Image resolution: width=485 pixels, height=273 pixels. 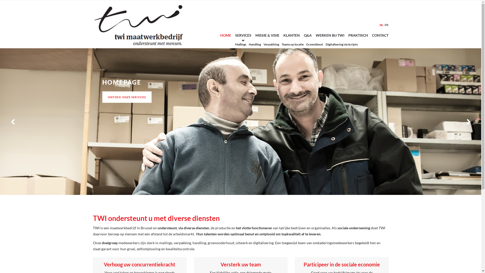 What do you see at coordinates (140, 24) in the screenshot?
I see `'TWI - '` at bounding box center [140, 24].